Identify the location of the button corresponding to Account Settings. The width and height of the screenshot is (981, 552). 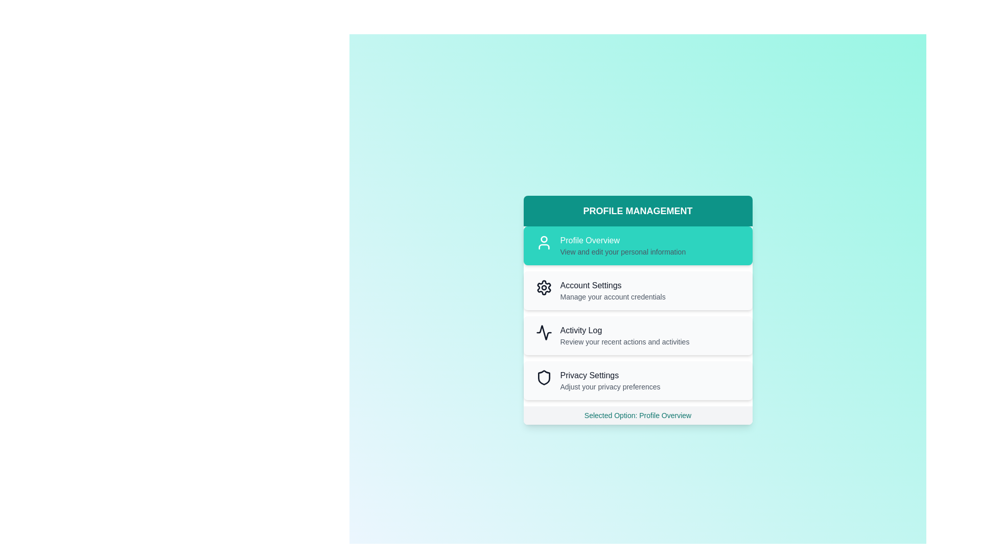
(637, 291).